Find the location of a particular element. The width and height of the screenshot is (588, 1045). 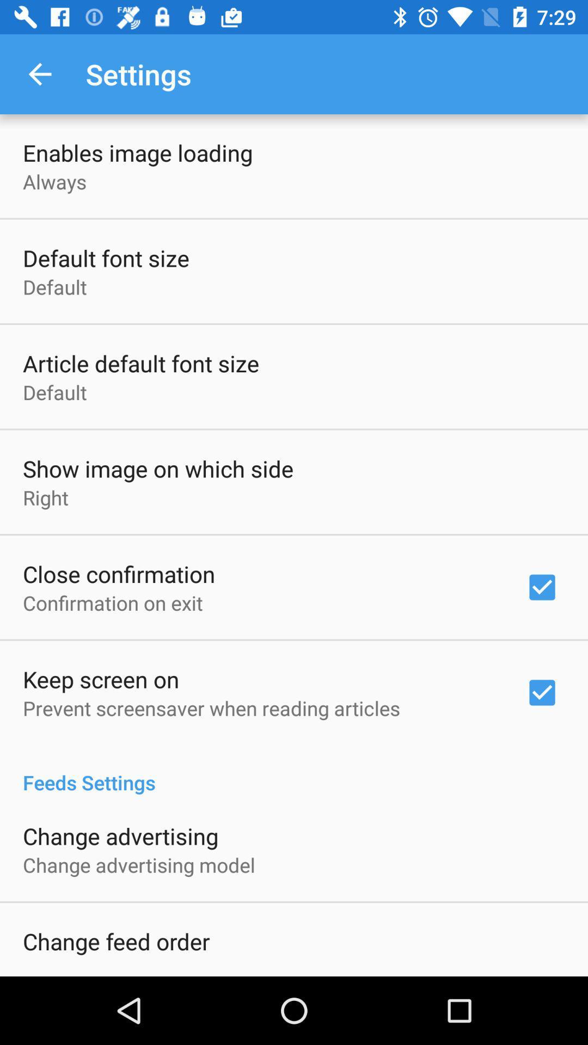

keep screen on item is located at coordinates (101, 679).